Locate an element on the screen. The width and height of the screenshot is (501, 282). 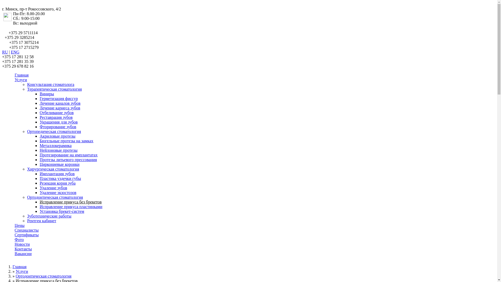
'ENG' is located at coordinates (15, 52).